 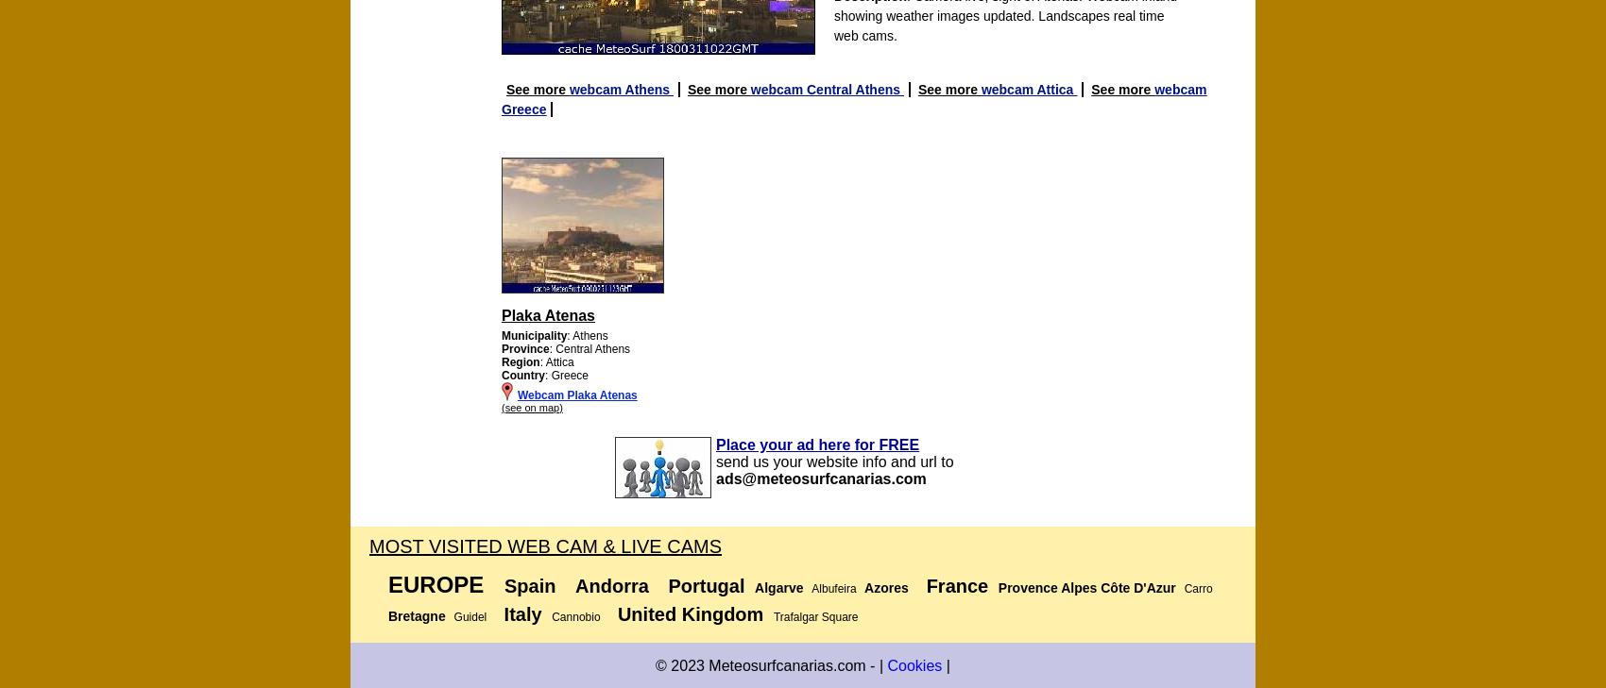 What do you see at coordinates (777, 588) in the screenshot?
I see `'Algarve'` at bounding box center [777, 588].